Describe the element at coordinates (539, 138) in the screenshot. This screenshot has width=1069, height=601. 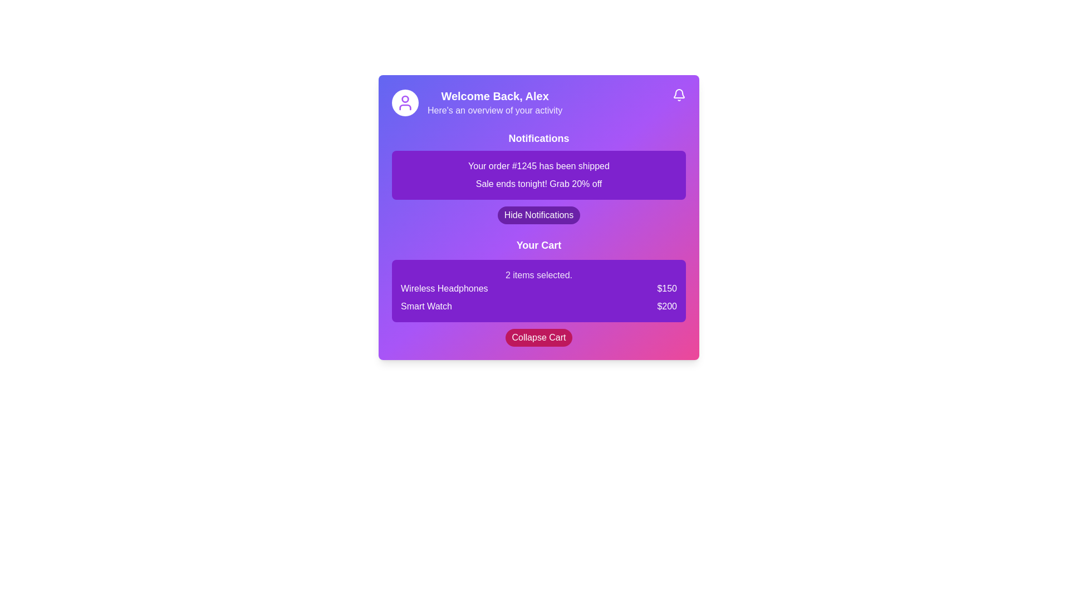
I see `text from the Section Header that displays 'Notifications', which is styled in bold, large white letters against a gradient purple background` at that location.